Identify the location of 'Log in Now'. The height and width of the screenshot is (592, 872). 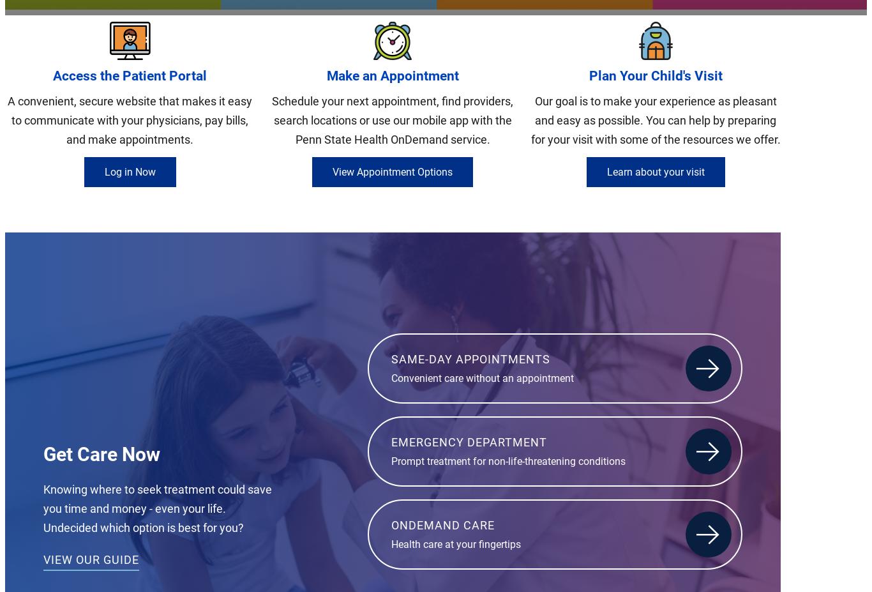
(128, 171).